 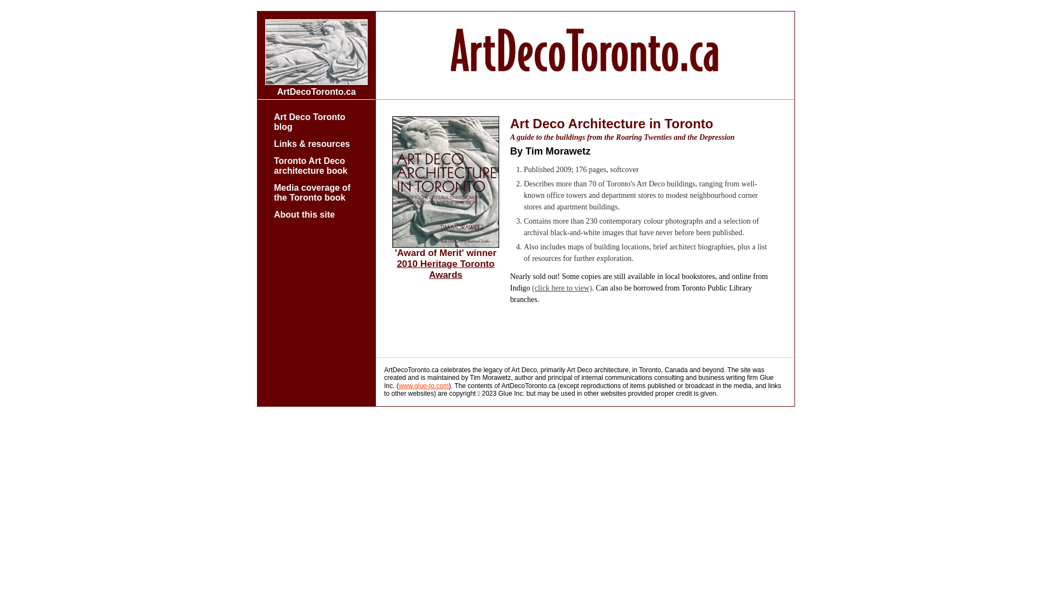 What do you see at coordinates (273, 121) in the screenshot?
I see `'Art Deco Toronto` at bounding box center [273, 121].